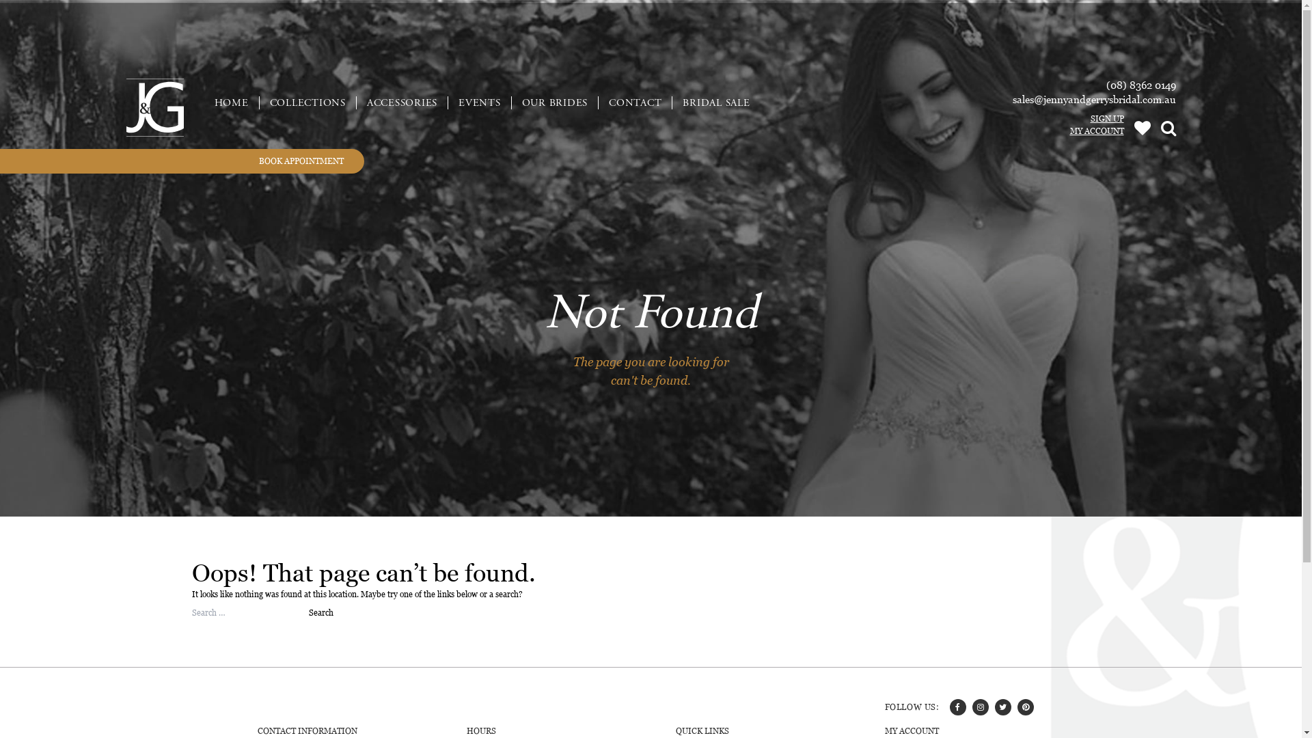 This screenshot has height=738, width=1312. Describe the element at coordinates (307, 101) in the screenshot. I see `'COLLECTIONS'` at that location.